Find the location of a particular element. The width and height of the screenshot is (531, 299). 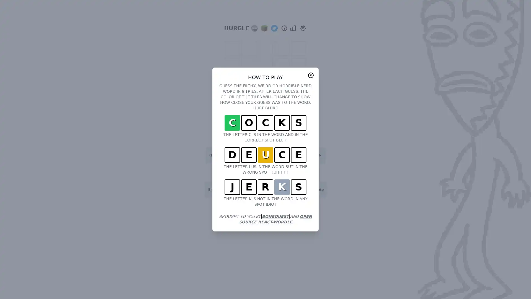

D is located at coordinates (241, 172).